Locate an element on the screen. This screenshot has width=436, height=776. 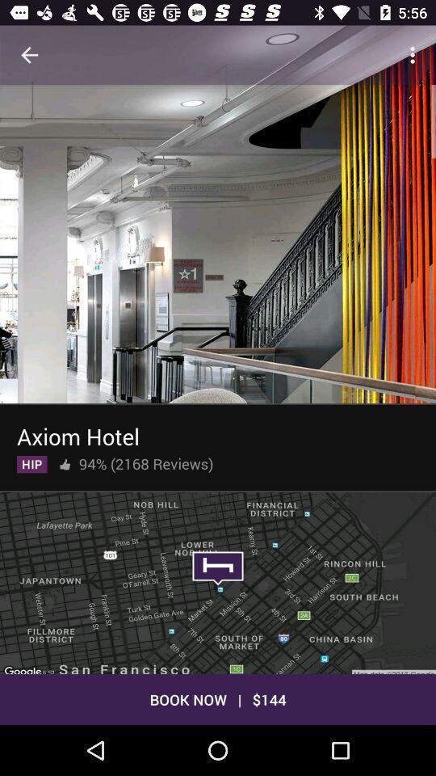
the item below axiom hotel icon is located at coordinates (64, 461).